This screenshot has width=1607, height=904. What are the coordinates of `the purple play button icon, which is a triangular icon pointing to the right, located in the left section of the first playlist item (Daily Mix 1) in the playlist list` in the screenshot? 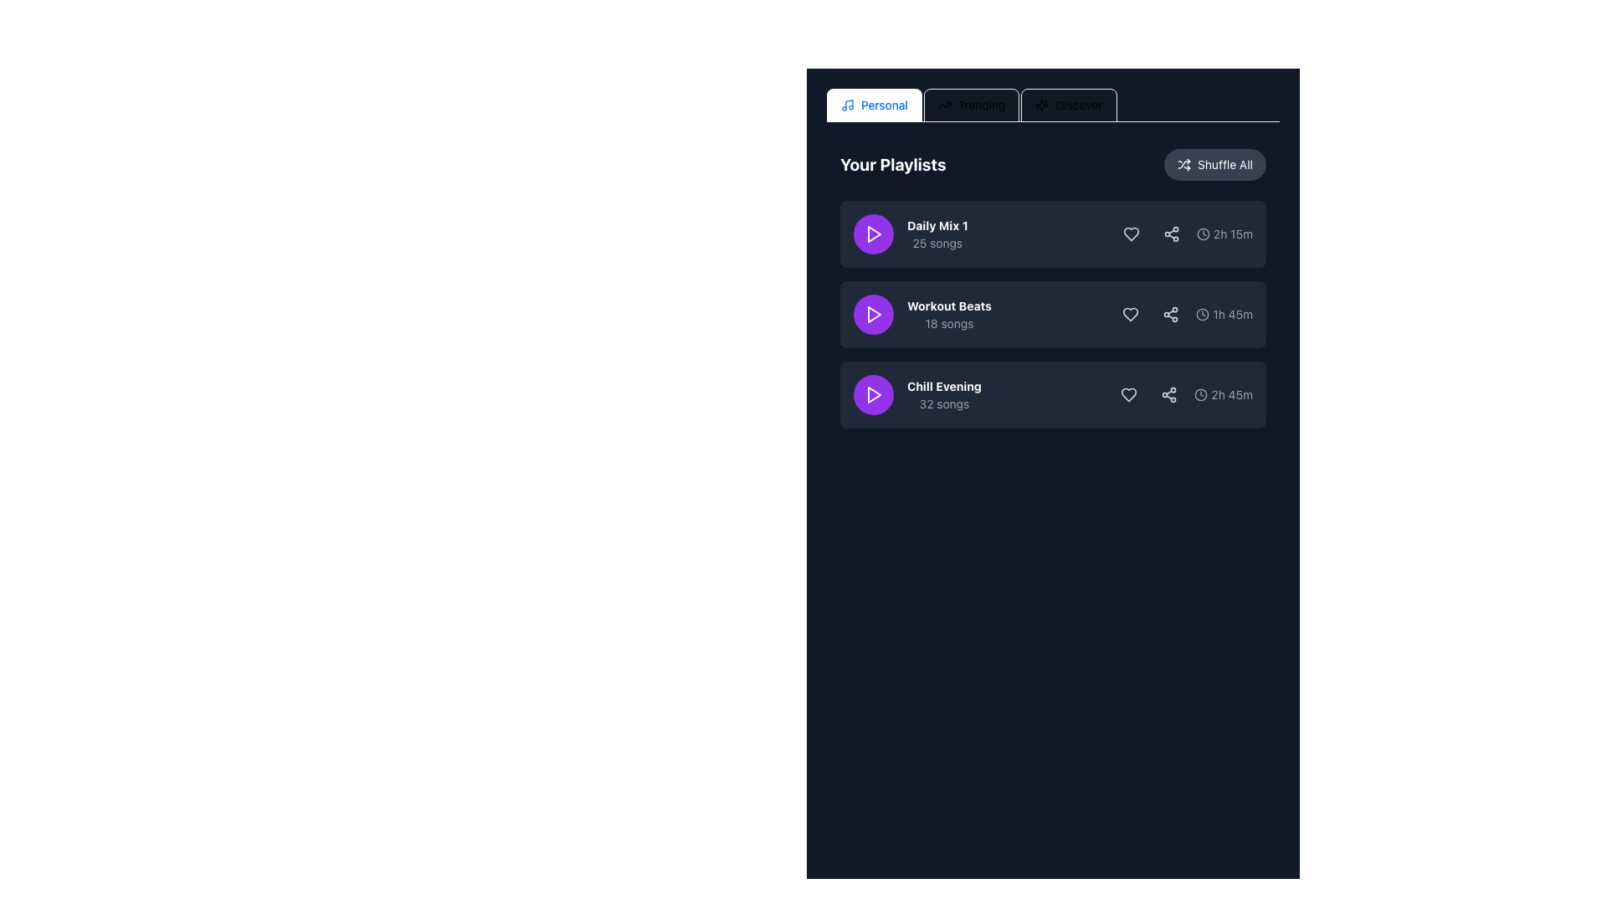 It's located at (874, 234).